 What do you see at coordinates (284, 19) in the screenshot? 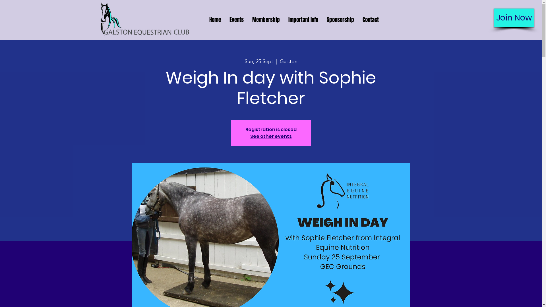
I see `'Important Info'` at bounding box center [284, 19].